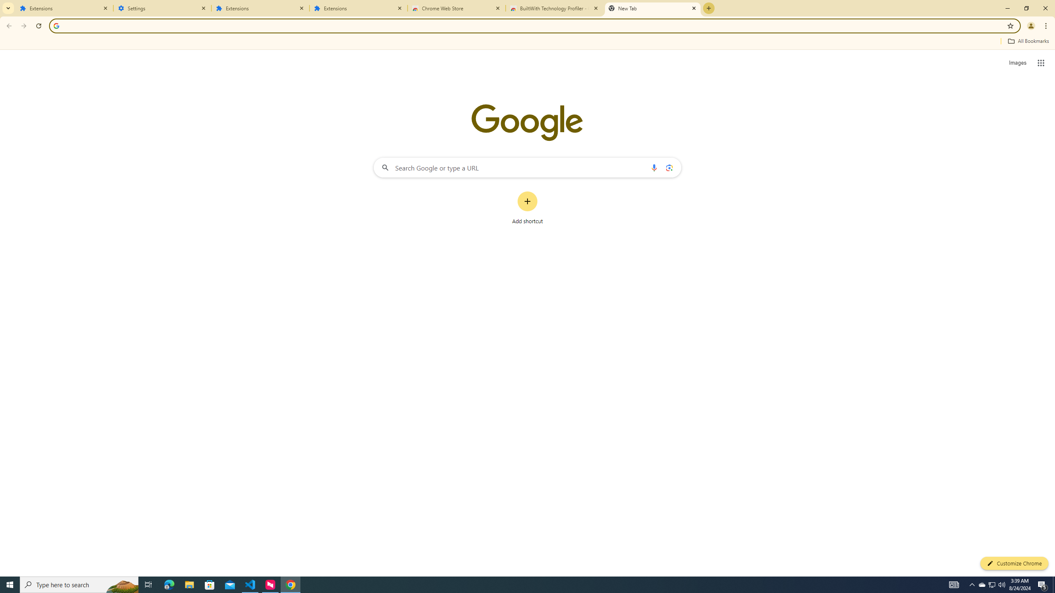 This screenshot has width=1055, height=593. Describe the element at coordinates (457, 8) in the screenshot. I see `'Chrome Web Store'` at that location.